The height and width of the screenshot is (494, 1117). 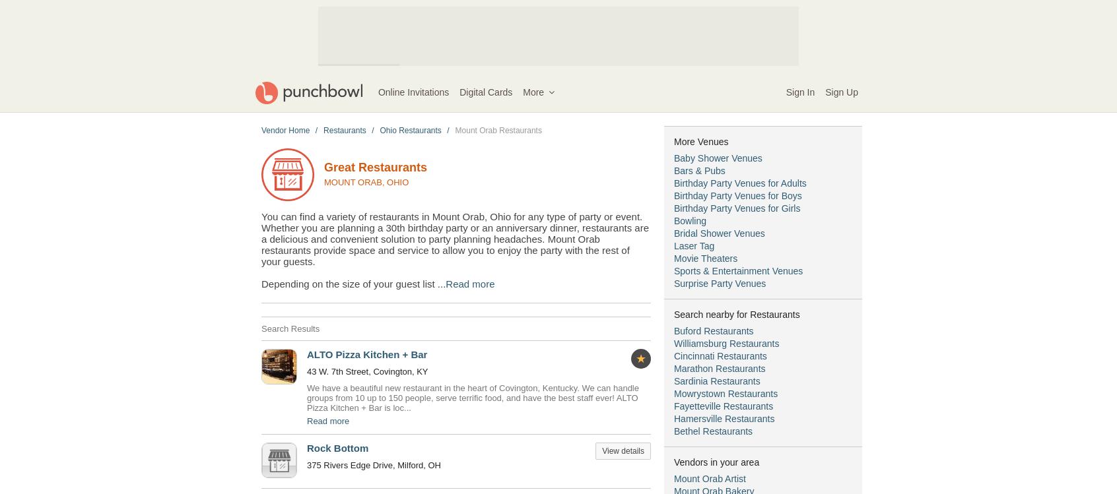 What do you see at coordinates (413, 92) in the screenshot?
I see `'Online Invitations'` at bounding box center [413, 92].